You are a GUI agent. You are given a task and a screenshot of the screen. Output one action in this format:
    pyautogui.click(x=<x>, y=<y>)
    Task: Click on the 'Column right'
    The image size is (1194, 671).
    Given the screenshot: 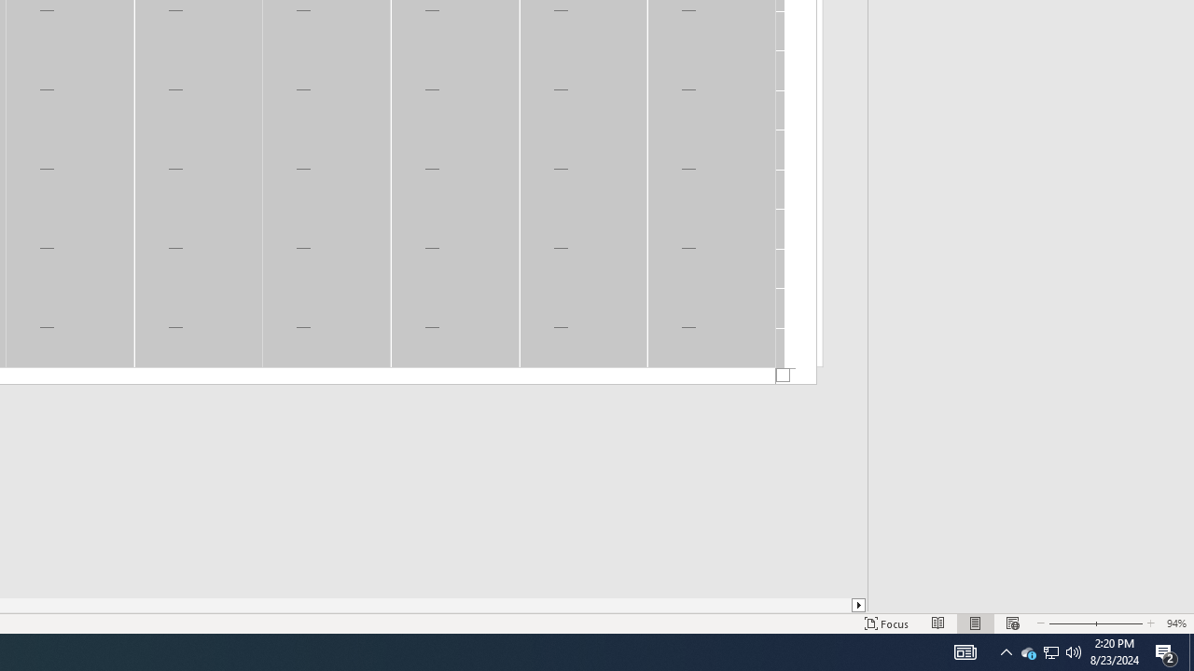 What is the action you would take?
    pyautogui.click(x=858, y=605)
    